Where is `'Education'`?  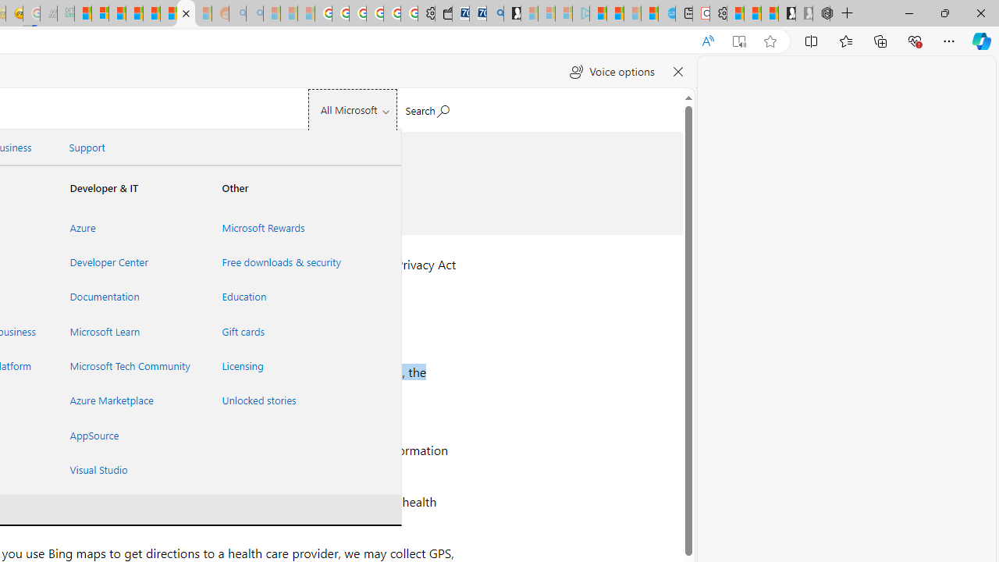
'Education' is located at coordinates (279, 297).